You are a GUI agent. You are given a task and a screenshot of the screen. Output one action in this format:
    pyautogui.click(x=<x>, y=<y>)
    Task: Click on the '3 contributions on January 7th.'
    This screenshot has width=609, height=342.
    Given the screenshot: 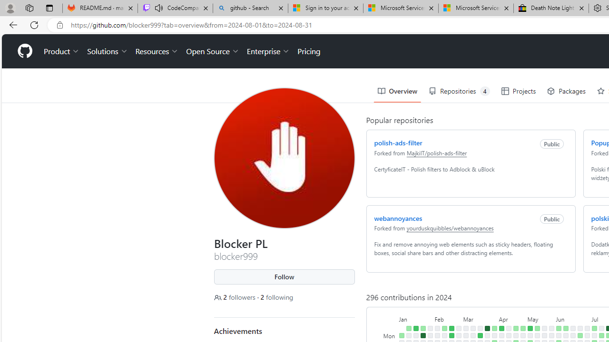 What is the action you would take?
    pyautogui.click(x=408, y=328)
    